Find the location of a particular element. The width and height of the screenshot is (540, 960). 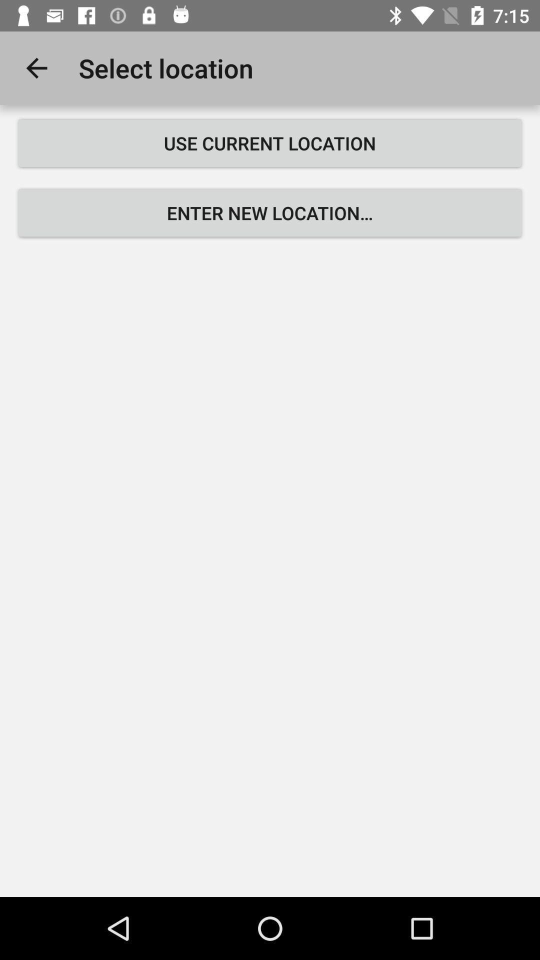

app to the left of select location icon is located at coordinates (36, 67).